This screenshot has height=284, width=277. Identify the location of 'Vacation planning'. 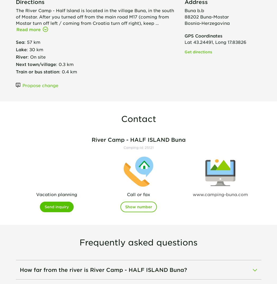
(57, 194).